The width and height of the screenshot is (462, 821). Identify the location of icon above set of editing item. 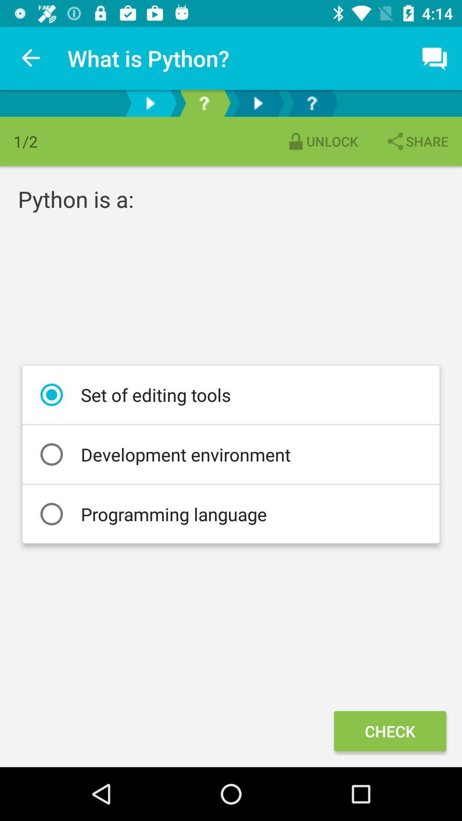
(322, 141).